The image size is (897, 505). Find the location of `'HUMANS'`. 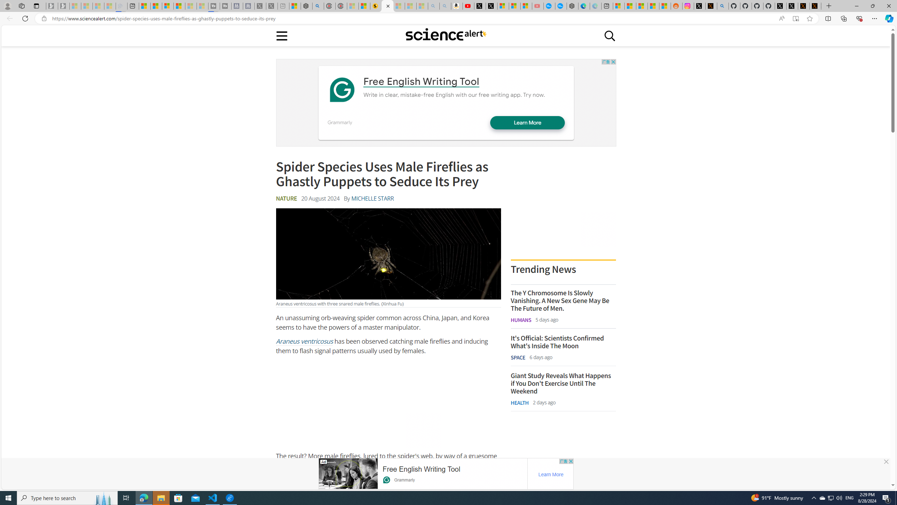

'HUMANS' is located at coordinates (521, 319).